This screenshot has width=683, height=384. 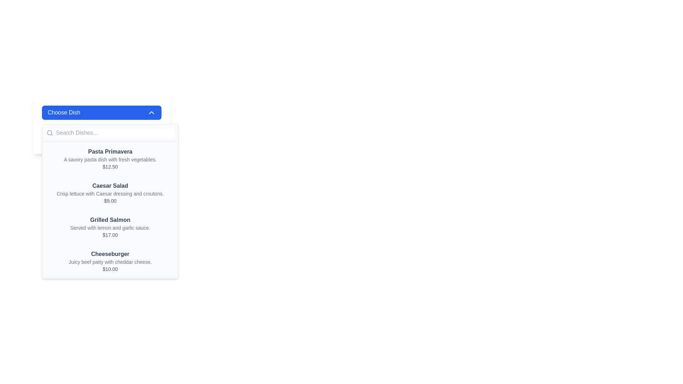 I want to click on to select the menu item titled 'Cheeseburger', which is bold and larger in size, located at the bottom of the list of menu items, so click(x=110, y=261).